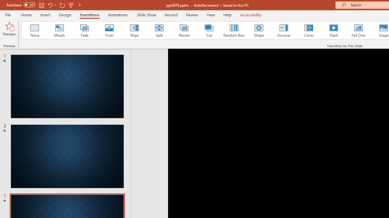  I want to click on 'Reveal', so click(184, 30).